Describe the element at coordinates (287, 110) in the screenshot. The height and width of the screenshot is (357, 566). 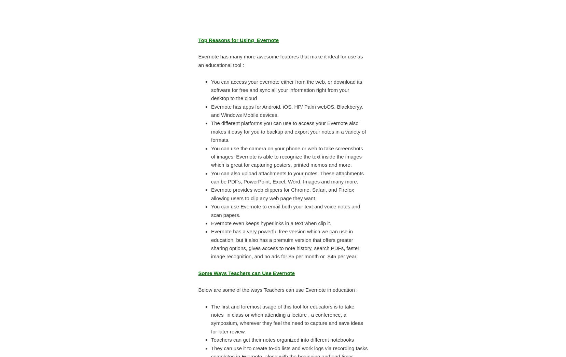
I see `'Evernote has apps for Android, iOS, HP/ Palm webOS, Blackberyy, and Windows Mobile devices.'` at that location.